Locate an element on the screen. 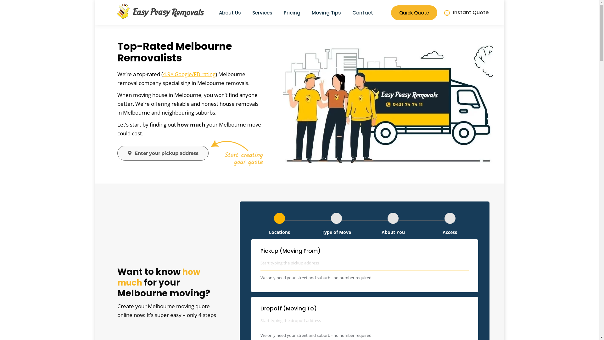  'About Us' is located at coordinates (229, 12).